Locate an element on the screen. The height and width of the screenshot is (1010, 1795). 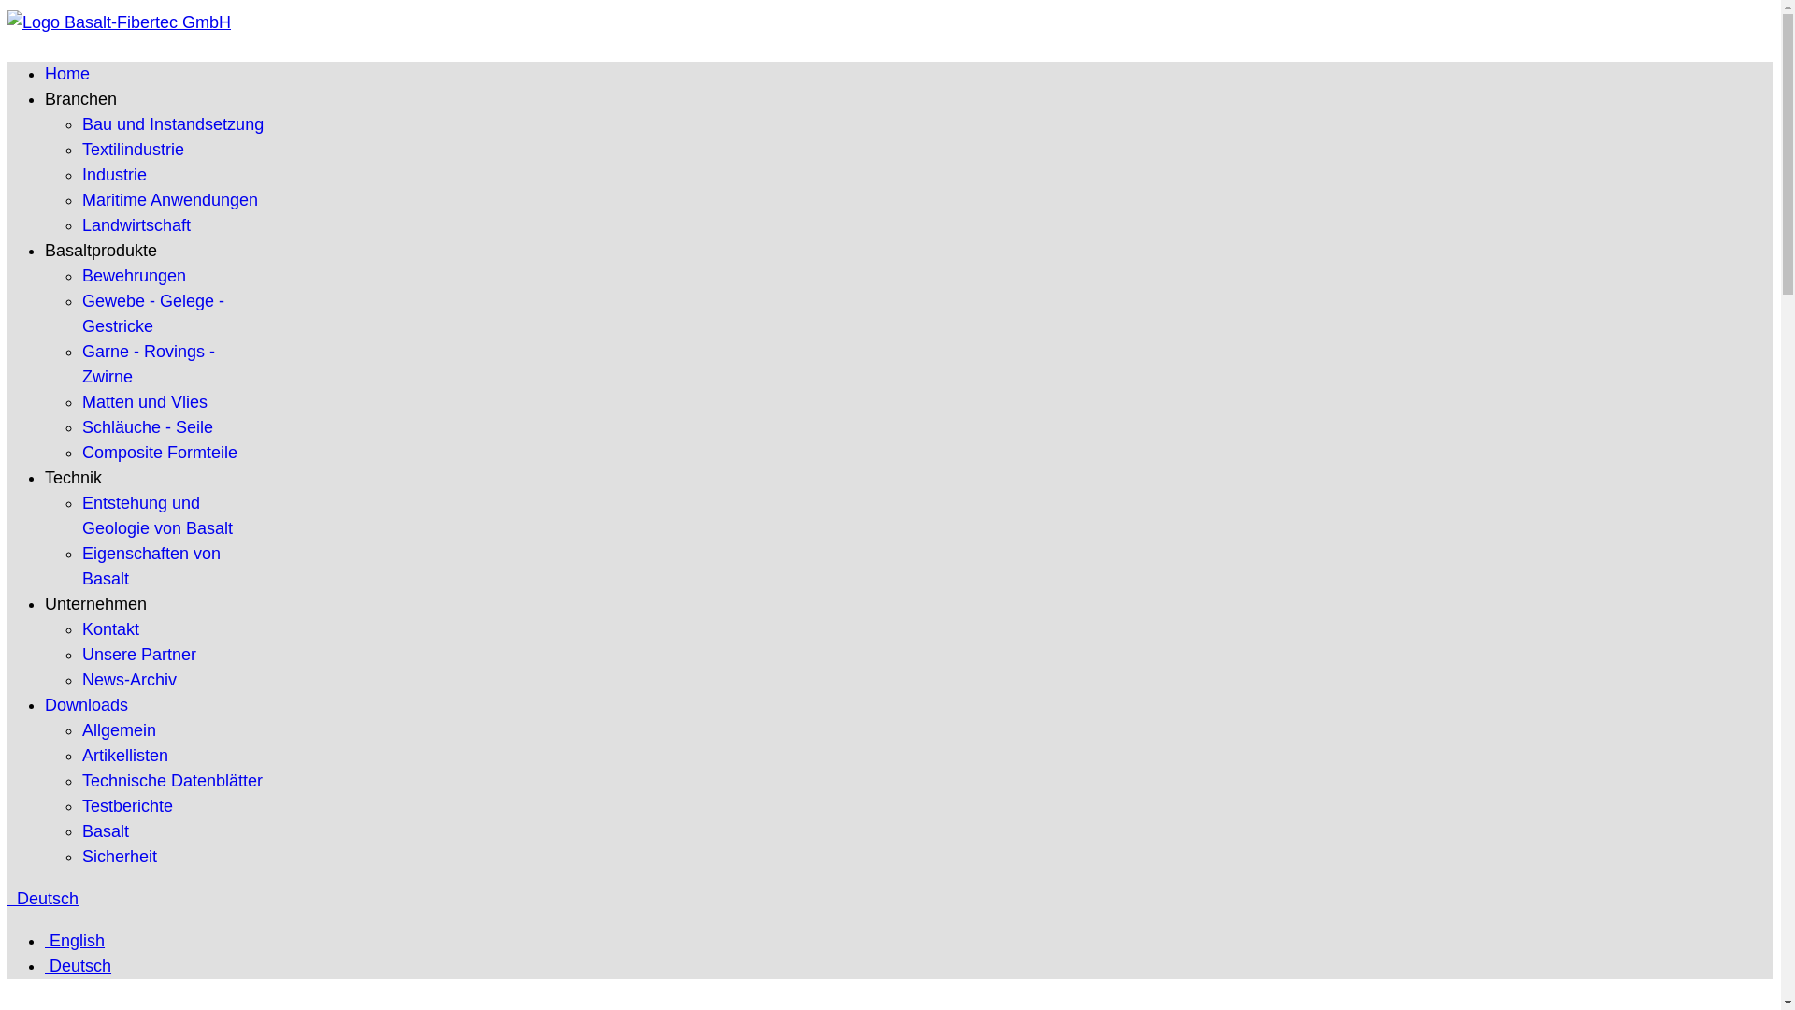
'Bau und Instandsetzung' is located at coordinates (80, 123).